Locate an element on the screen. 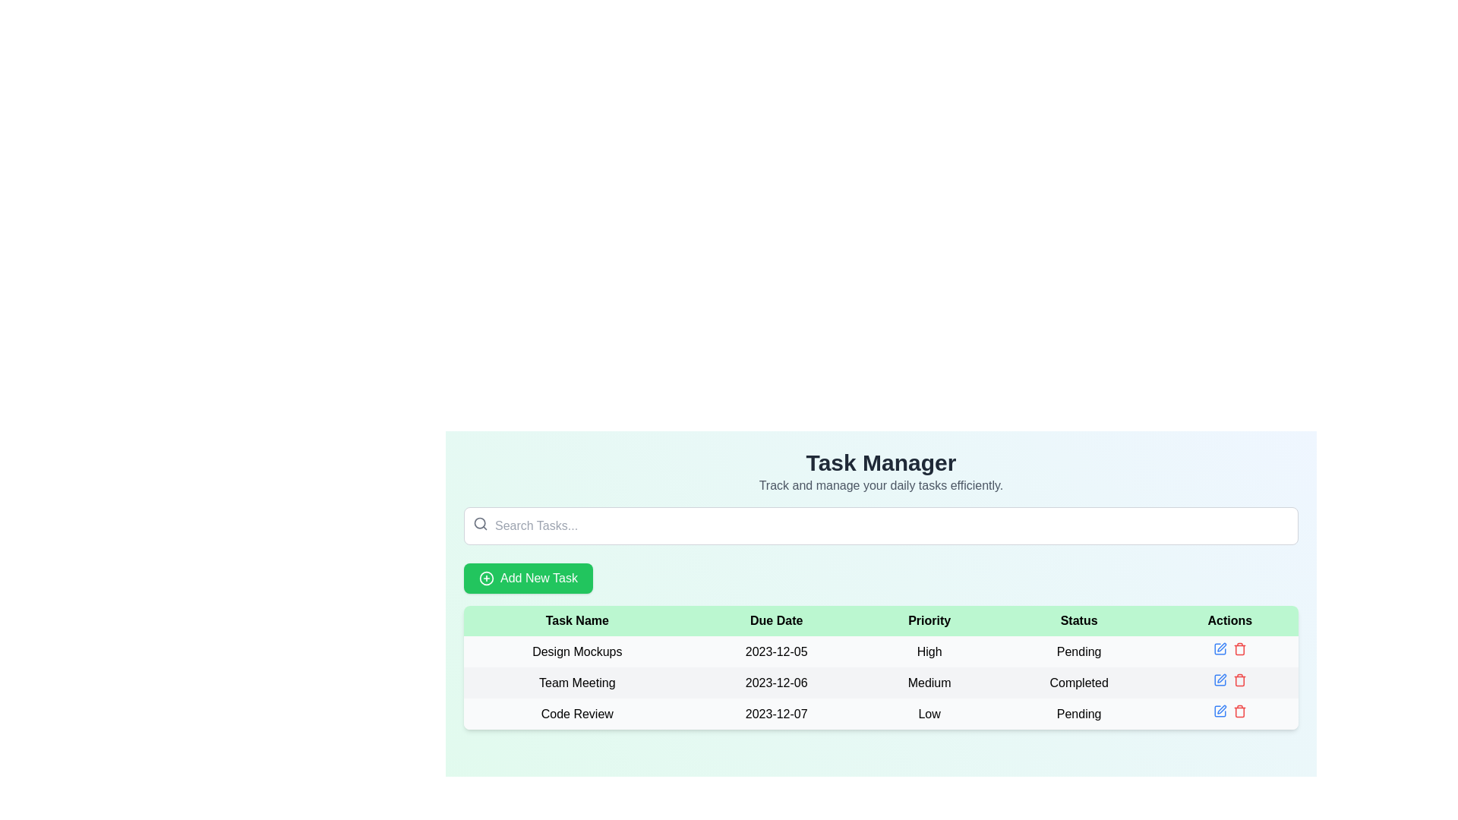 The width and height of the screenshot is (1458, 820). the pen-shaped graphic icon located in the 'Actions' column of the table, next to the 'Delete' icon for the 'Code Review' task is located at coordinates (1222, 709).